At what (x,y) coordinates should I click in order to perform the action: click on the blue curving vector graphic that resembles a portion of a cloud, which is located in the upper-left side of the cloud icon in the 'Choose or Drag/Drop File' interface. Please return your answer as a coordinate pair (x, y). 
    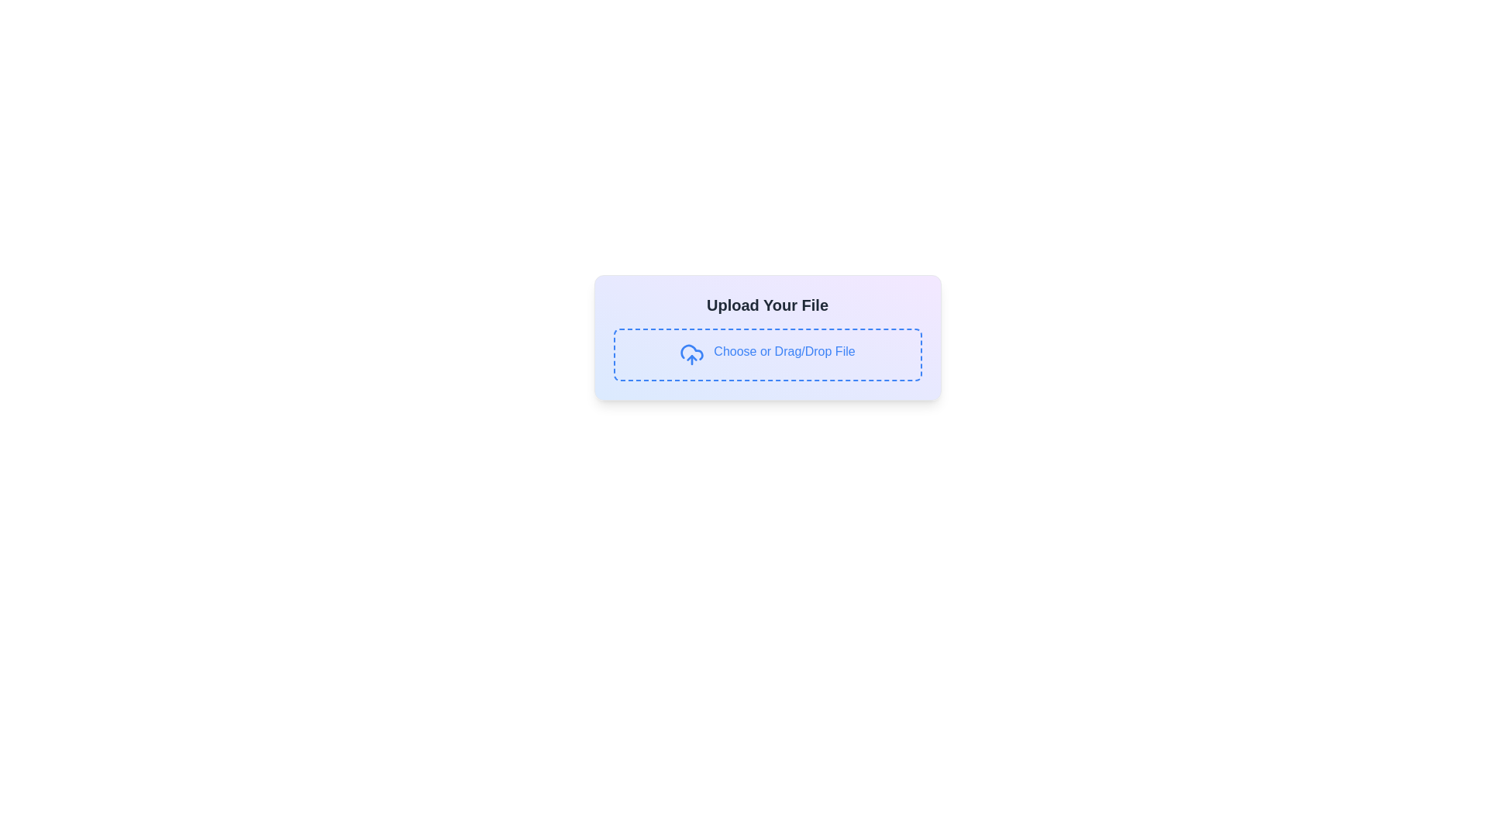
    Looking at the image, I should click on (691, 352).